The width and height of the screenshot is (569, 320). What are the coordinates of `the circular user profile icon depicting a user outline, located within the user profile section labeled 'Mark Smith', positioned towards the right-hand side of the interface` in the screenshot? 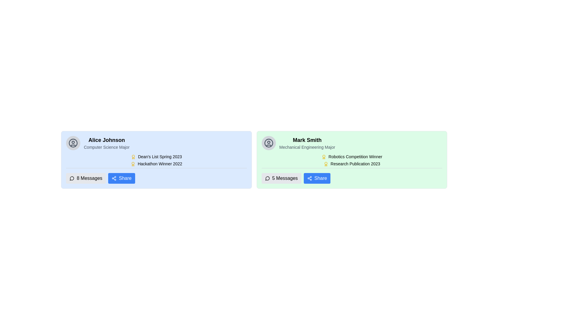 It's located at (268, 143).